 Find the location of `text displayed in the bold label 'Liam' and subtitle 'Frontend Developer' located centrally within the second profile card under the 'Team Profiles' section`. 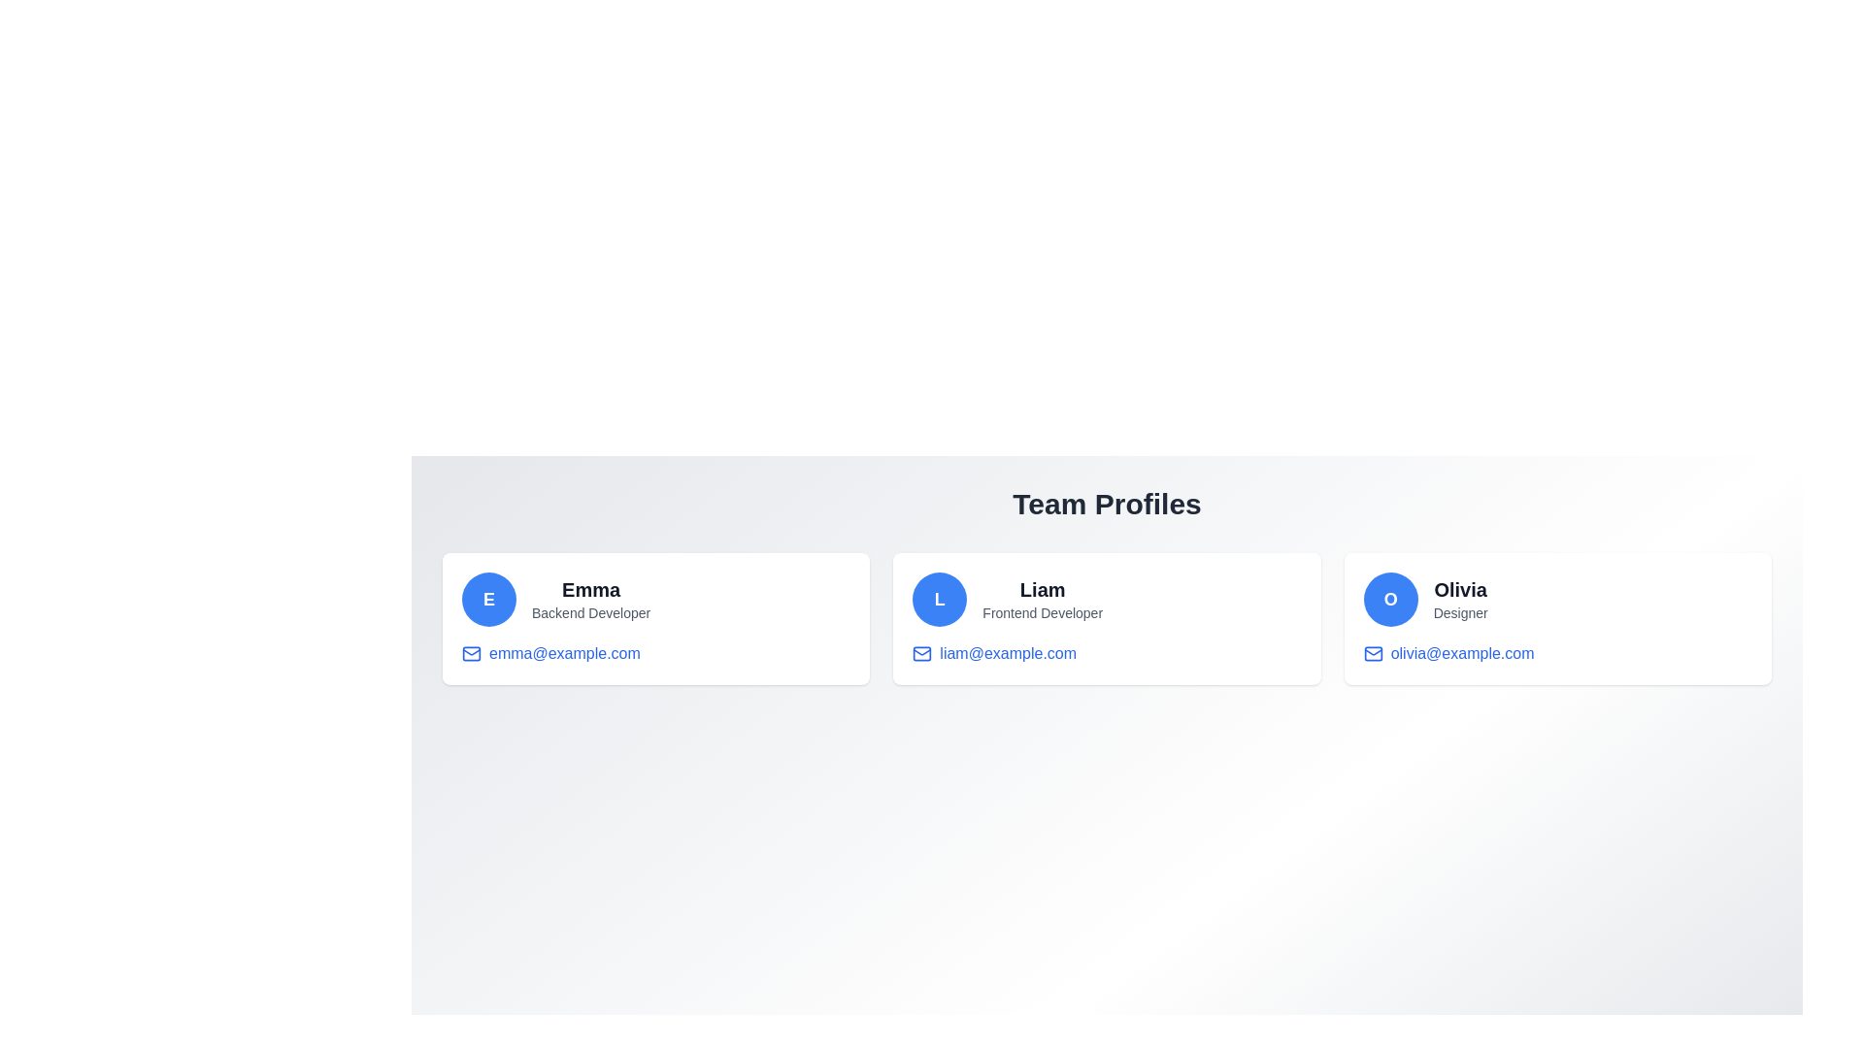

text displayed in the bold label 'Liam' and subtitle 'Frontend Developer' located centrally within the second profile card under the 'Team Profiles' section is located at coordinates (1042, 598).